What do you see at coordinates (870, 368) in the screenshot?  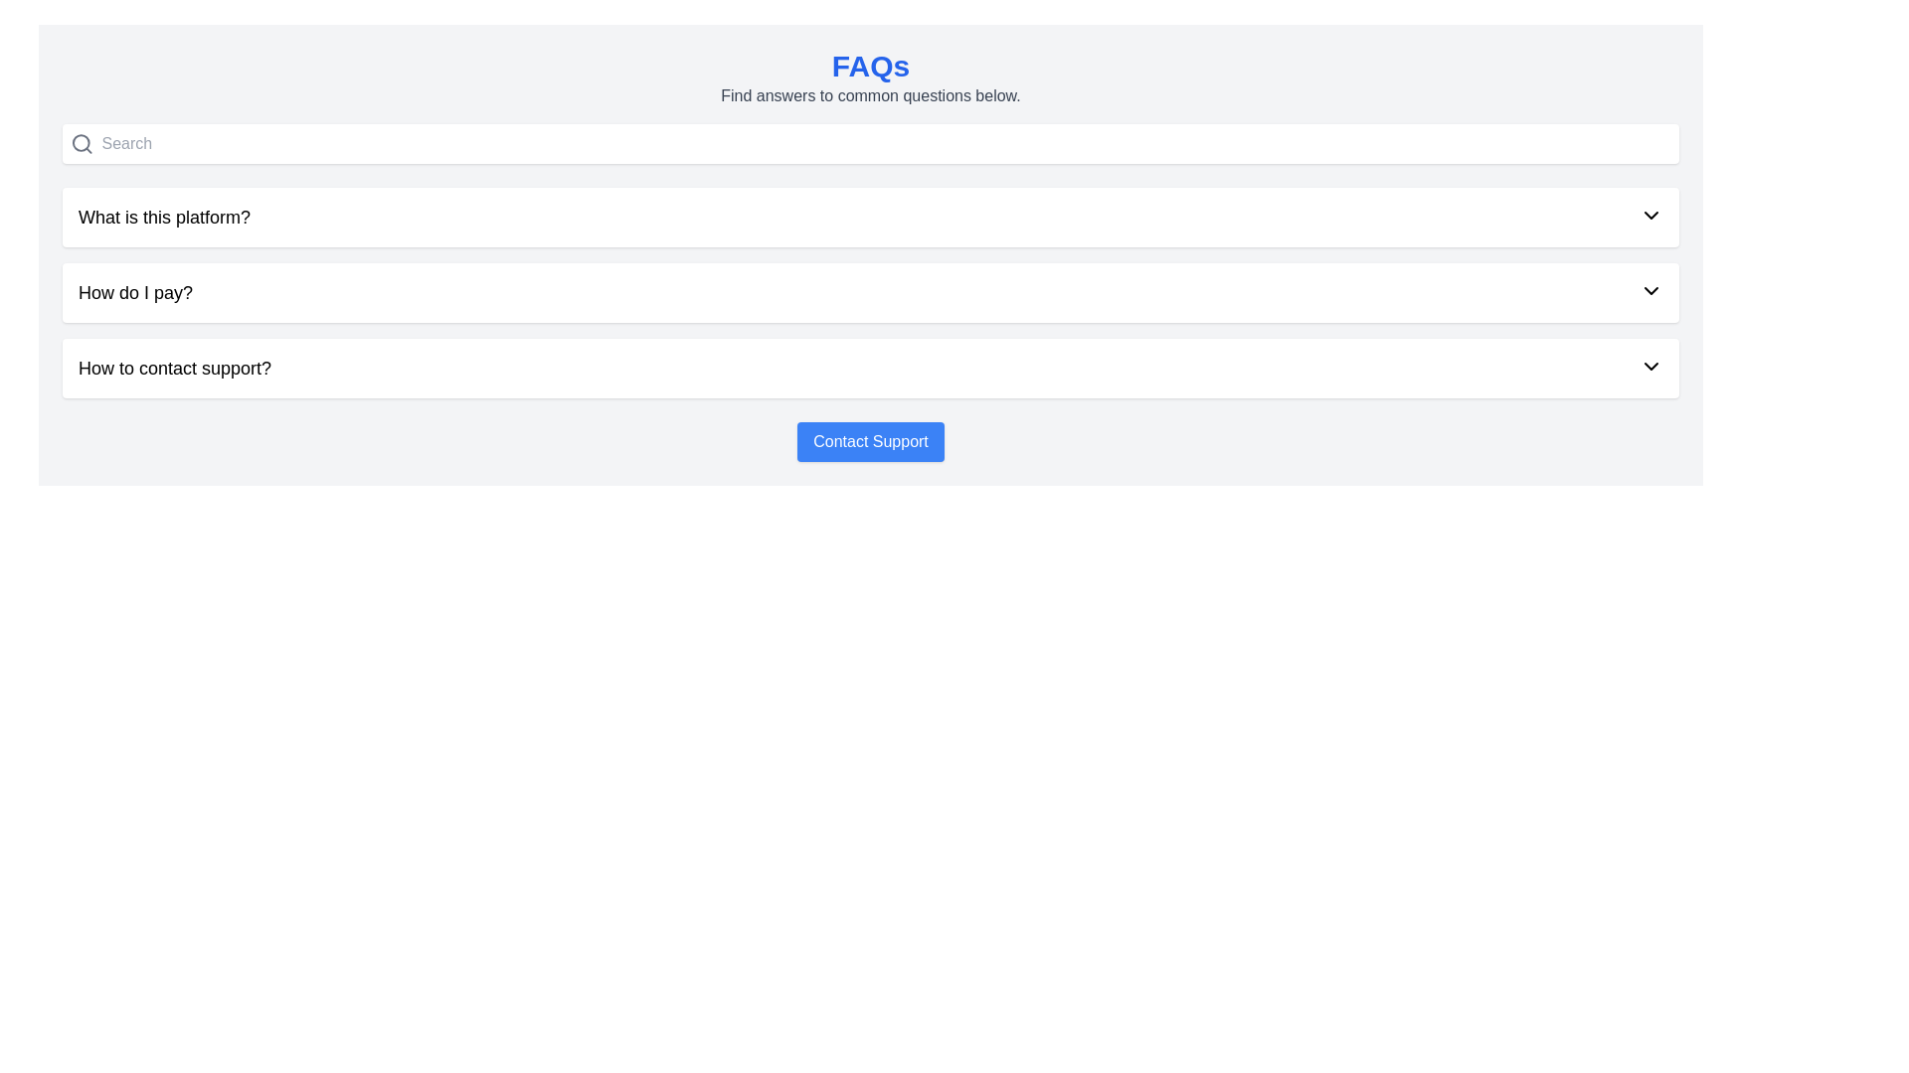 I see `the third Collapsible List Item in the FAQ section` at bounding box center [870, 368].